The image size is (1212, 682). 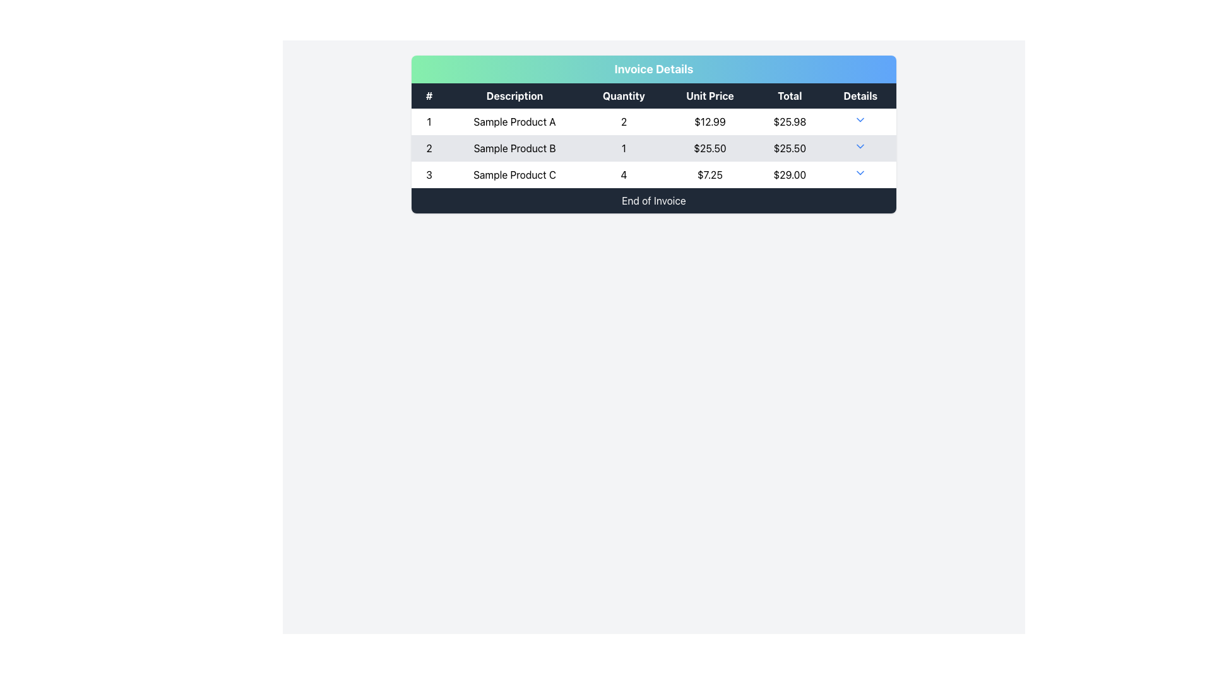 I want to click on the 'Total' text label element, which is part of the header row in a table and is located between the 'Unit Price' and 'Details' headers, so click(x=789, y=95).